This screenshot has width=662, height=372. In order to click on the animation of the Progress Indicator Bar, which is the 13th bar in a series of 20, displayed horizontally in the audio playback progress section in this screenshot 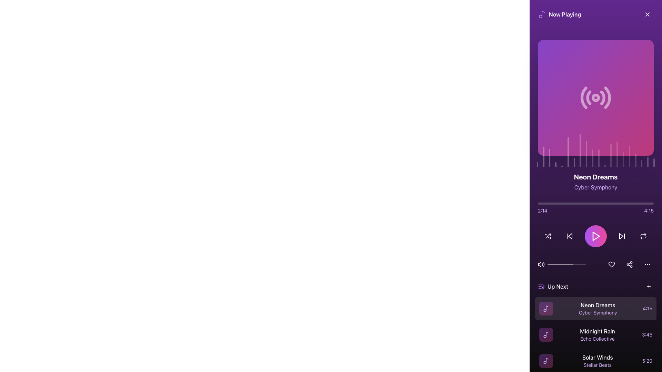, I will do `click(611, 155)`.